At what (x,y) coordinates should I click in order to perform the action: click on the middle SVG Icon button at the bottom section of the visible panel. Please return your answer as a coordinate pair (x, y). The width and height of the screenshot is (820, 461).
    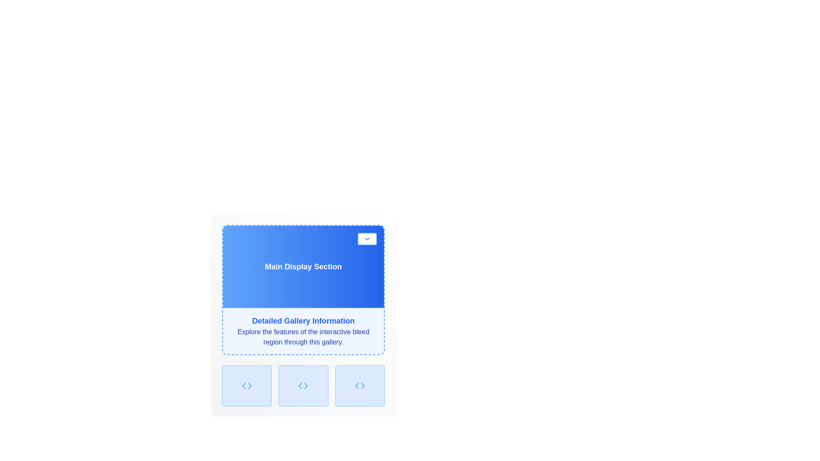
    Looking at the image, I should click on (303, 385).